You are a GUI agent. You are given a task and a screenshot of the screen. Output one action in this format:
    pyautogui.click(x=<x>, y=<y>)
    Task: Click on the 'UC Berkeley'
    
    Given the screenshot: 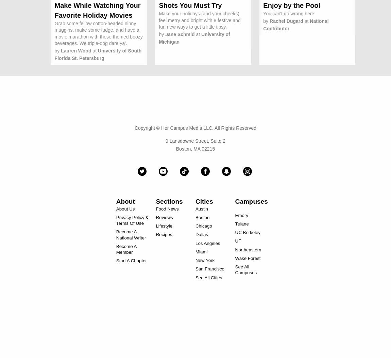 What is the action you would take?
    pyautogui.click(x=247, y=232)
    